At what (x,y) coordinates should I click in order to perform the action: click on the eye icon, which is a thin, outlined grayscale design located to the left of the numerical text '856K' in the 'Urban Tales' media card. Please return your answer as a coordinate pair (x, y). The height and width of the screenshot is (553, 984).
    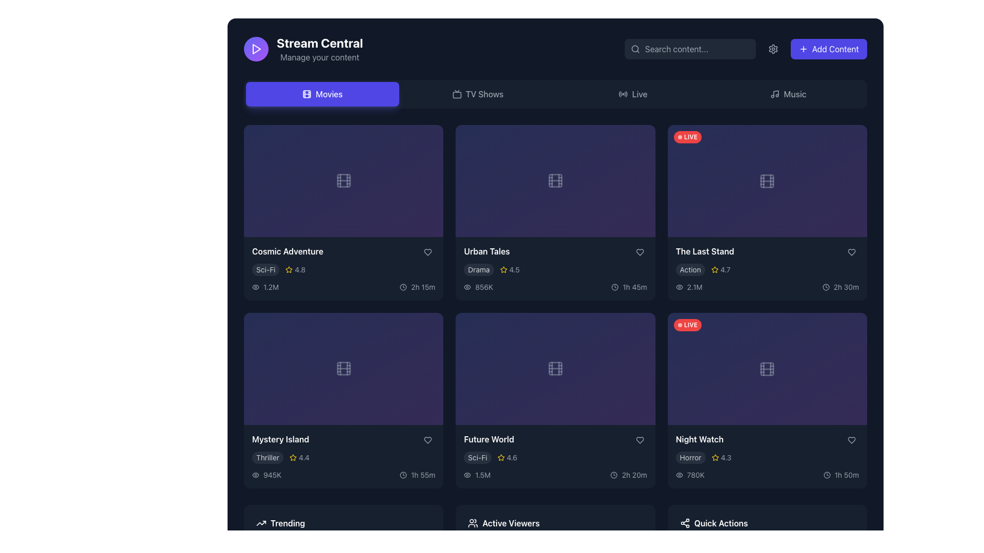
    Looking at the image, I should click on (467, 287).